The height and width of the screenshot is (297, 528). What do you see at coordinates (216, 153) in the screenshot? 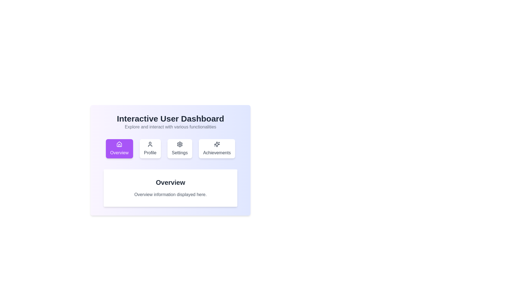
I see `the 'Achievements' button, which is the fourth button from the left in a row of four buttons labeled 'Overview,' 'Profile,' 'Settings,' and 'Achievements.' This button is identified by its text label indicating navigation to the 'Achievements' section` at bounding box center [216, 153].